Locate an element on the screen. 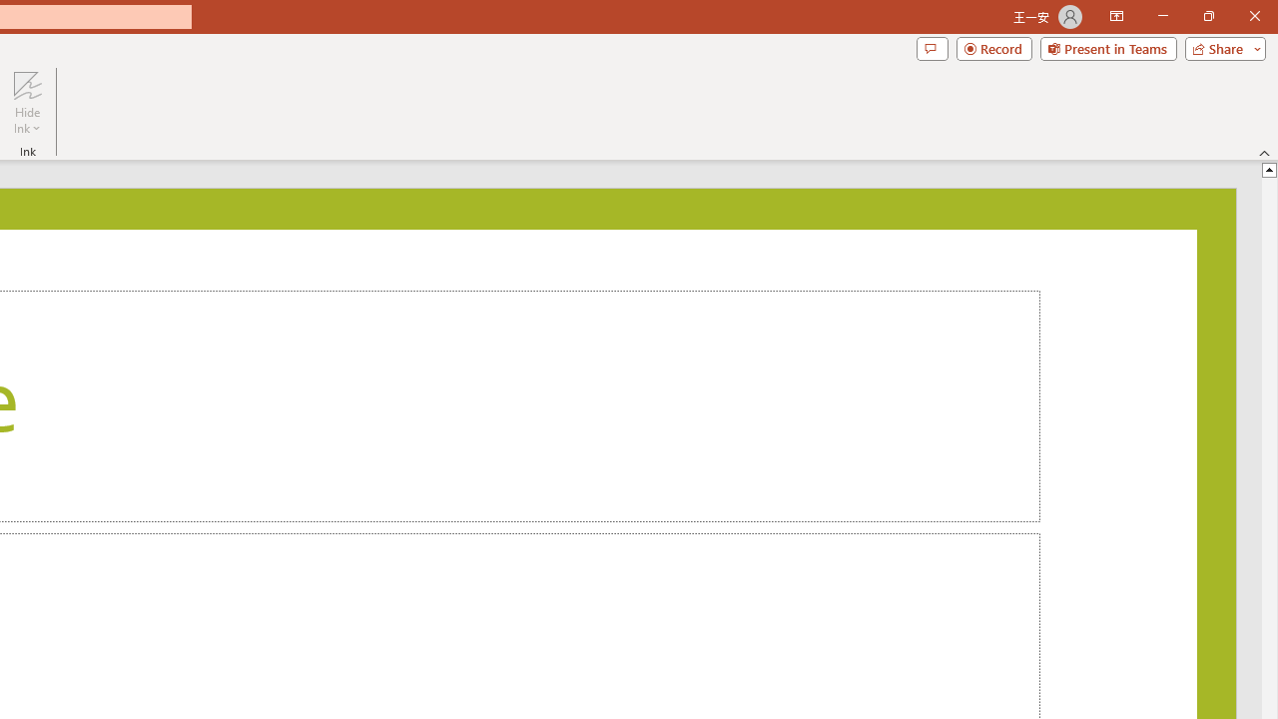 The image size is (1278, 719). 'Hide Ink' is located at coordinates (27, 103).